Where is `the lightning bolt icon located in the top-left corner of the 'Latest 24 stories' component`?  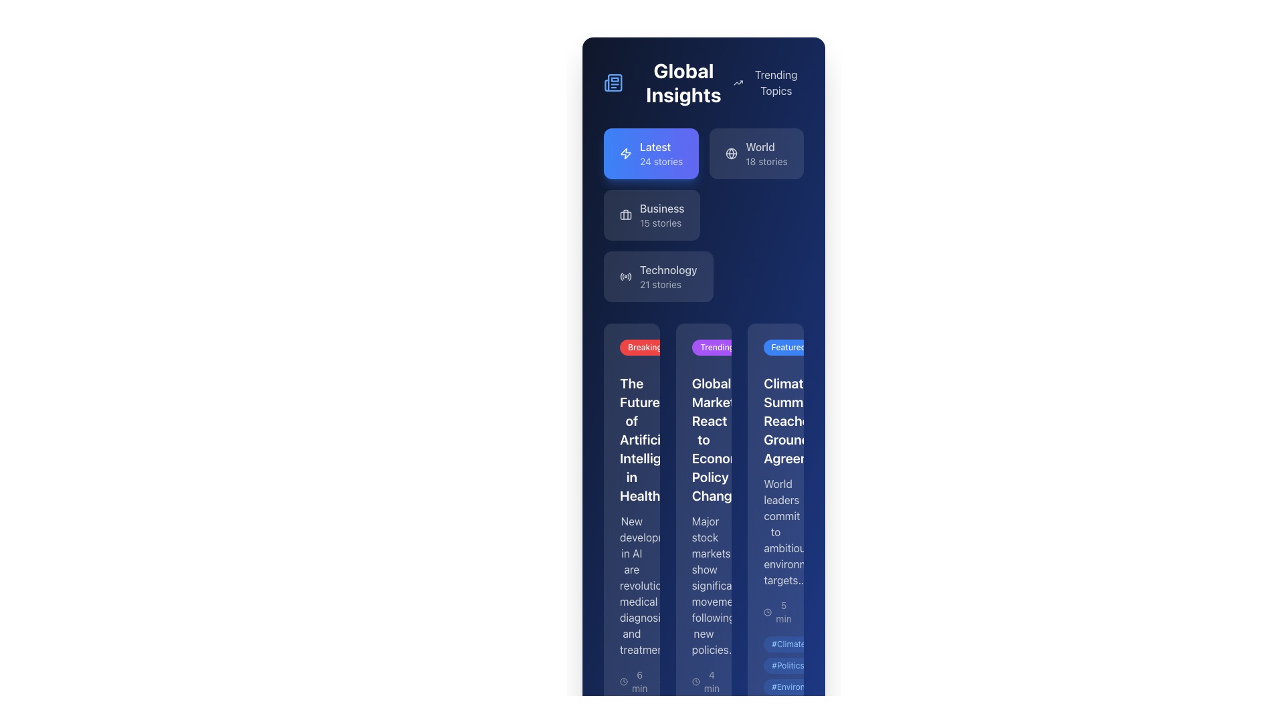 the lightning bolt icon located in the top-left corner of the 'Latest 24 stories' component is located at coordinates (625, 153).